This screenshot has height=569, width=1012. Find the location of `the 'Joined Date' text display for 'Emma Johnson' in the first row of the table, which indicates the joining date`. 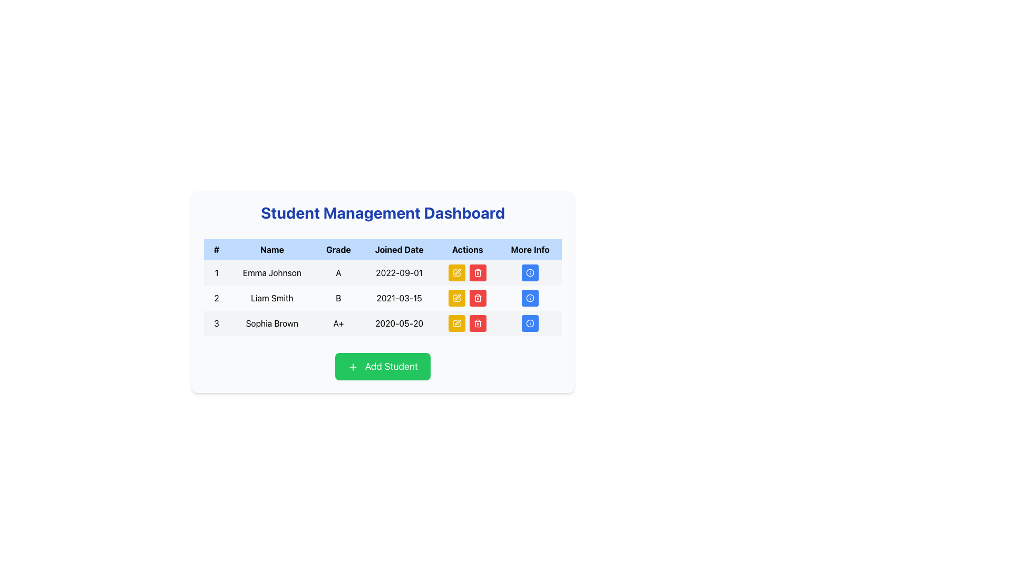

the 'Joined Date' text display for 'Emma Johnson' in the first row of the table, which indicates the joining date is located at coordinates (398, 272).